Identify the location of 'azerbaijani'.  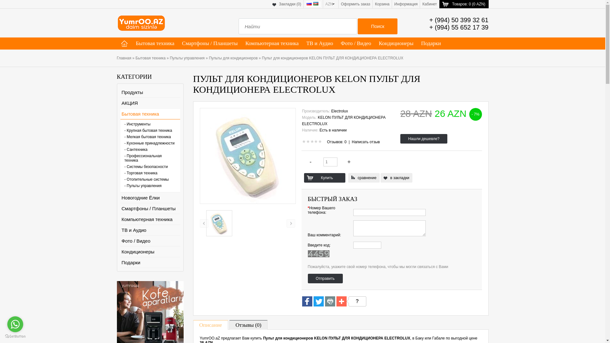
(315, 3).